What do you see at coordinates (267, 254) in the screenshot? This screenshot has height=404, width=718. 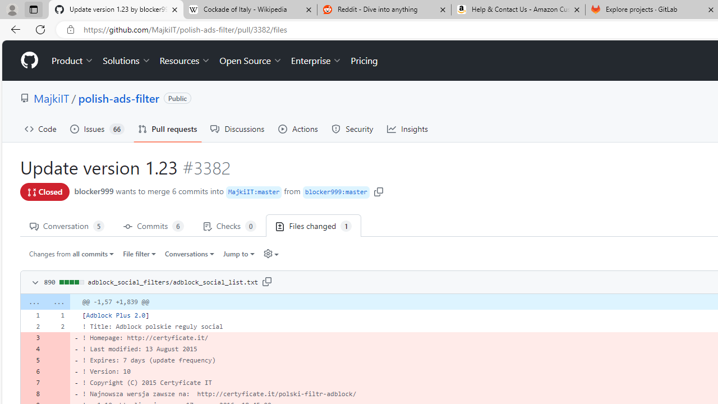 I see `'Diff settings'` at bounding box center [267, 254].